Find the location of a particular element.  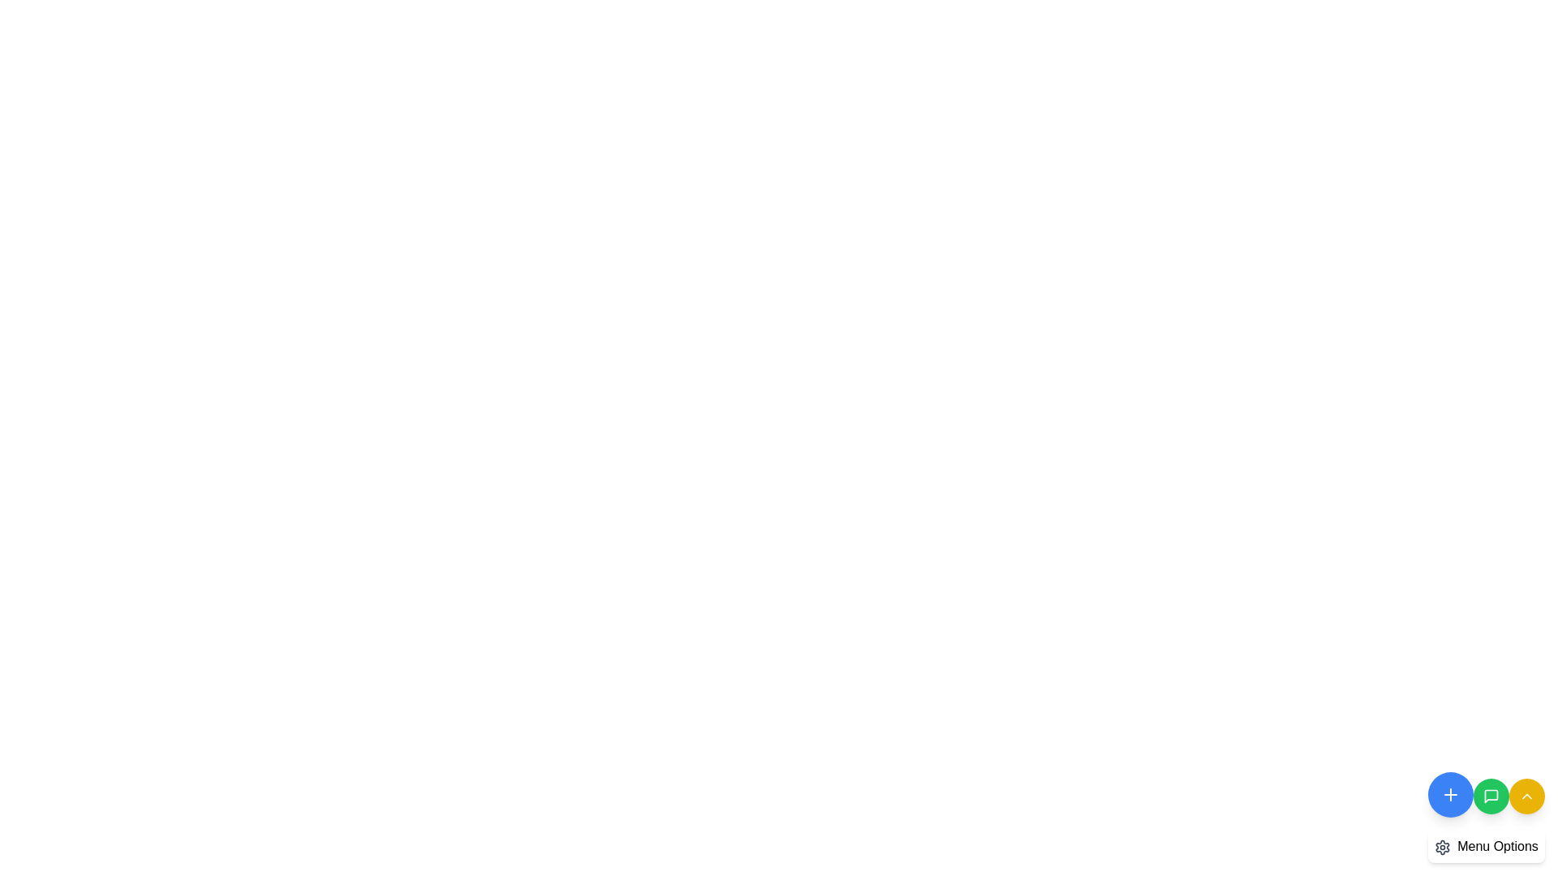

the second button located at the bottom-right corner of the interface, between a blue button with a plus sign and a yellow button with an upward-facing chevron is located at coordinates (1487, 814).